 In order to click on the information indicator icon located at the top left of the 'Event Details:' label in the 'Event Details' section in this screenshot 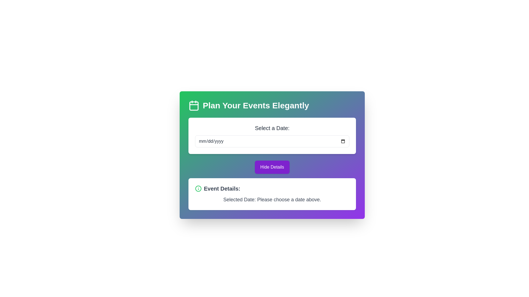, I will do `click(198, 188)`.